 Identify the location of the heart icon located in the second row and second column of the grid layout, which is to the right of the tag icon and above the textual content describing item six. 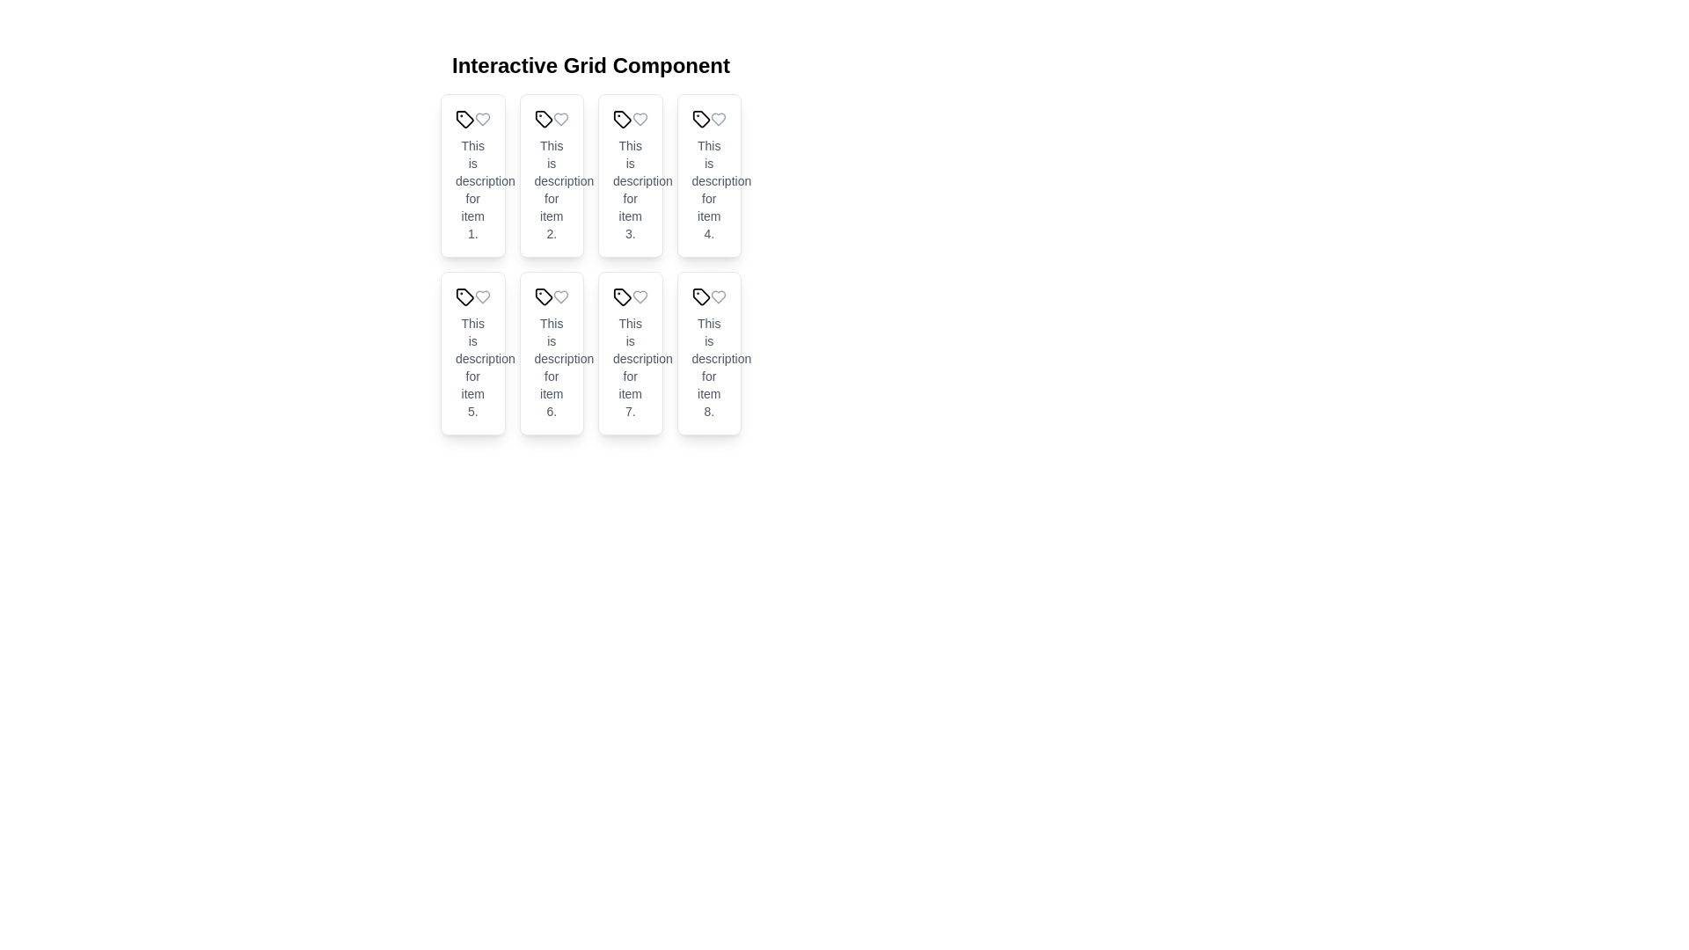
(560, 296).